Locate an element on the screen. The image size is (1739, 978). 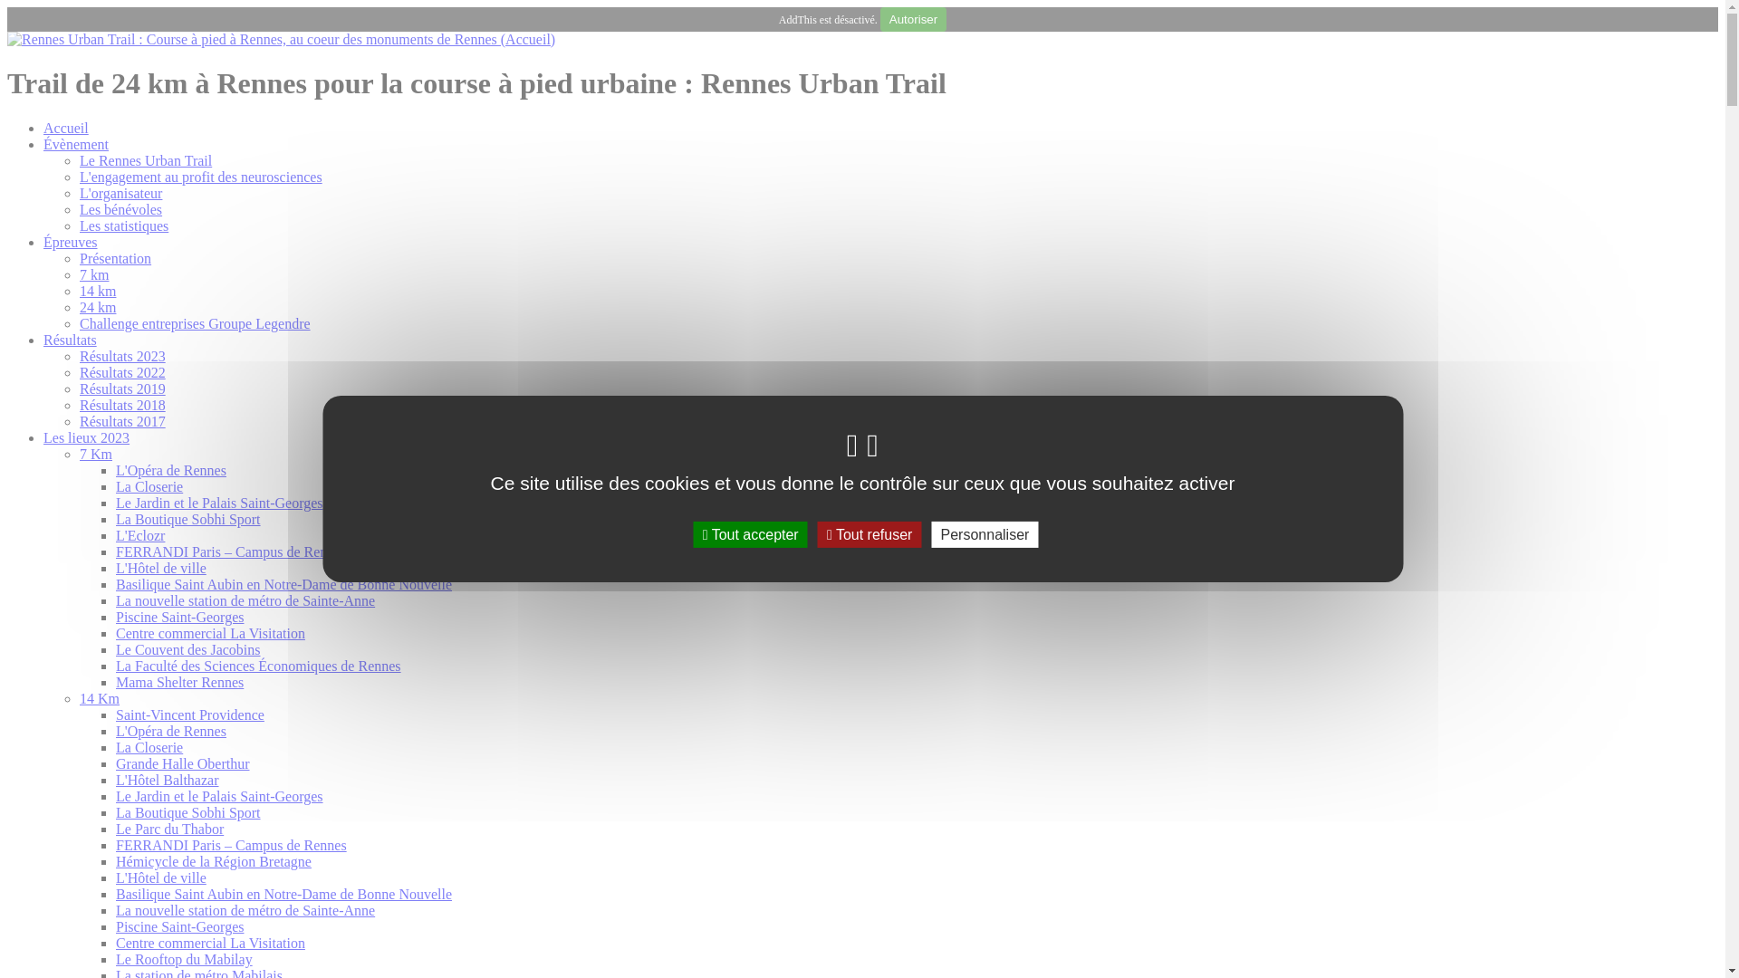
'La Closerie' is located at coordinates (149, 747).